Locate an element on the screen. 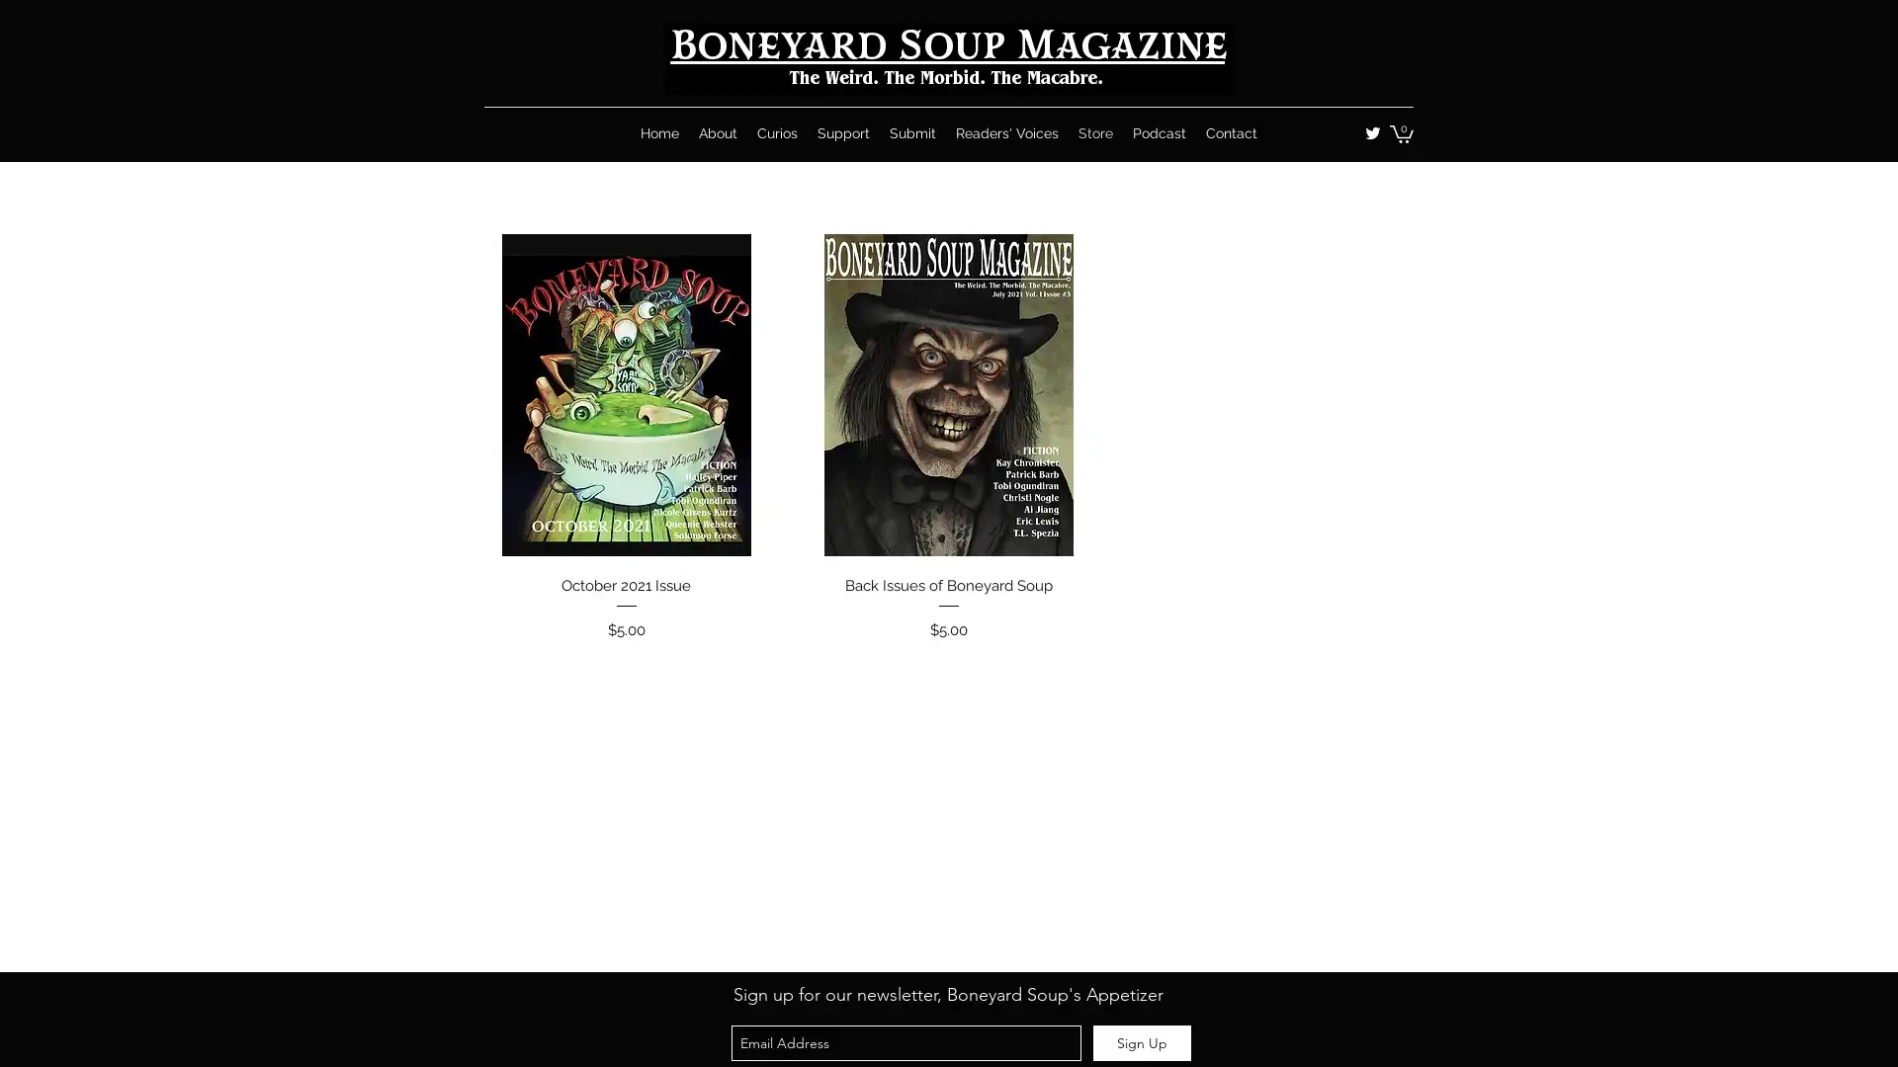  Quick View is located at coordinates (625, 579).